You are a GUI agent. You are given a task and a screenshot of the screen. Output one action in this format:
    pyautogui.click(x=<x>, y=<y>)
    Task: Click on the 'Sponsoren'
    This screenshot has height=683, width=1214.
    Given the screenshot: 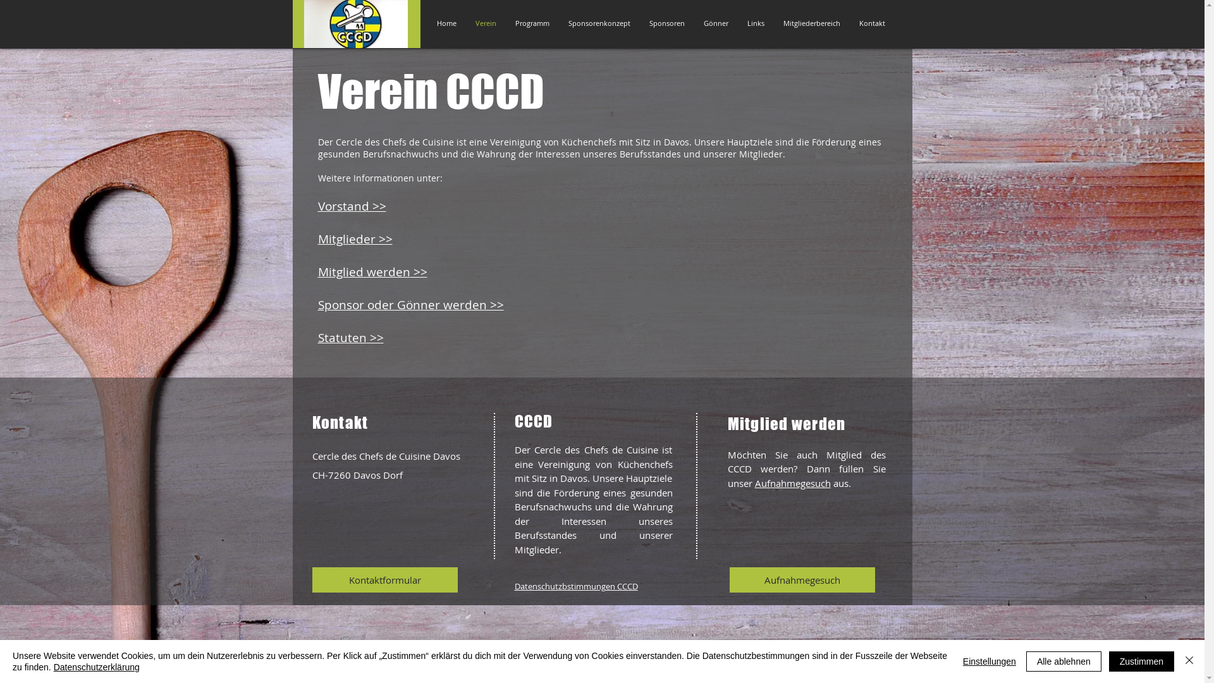 What is the action you would take?
    pyautogui.click(x=666, y=23)
    